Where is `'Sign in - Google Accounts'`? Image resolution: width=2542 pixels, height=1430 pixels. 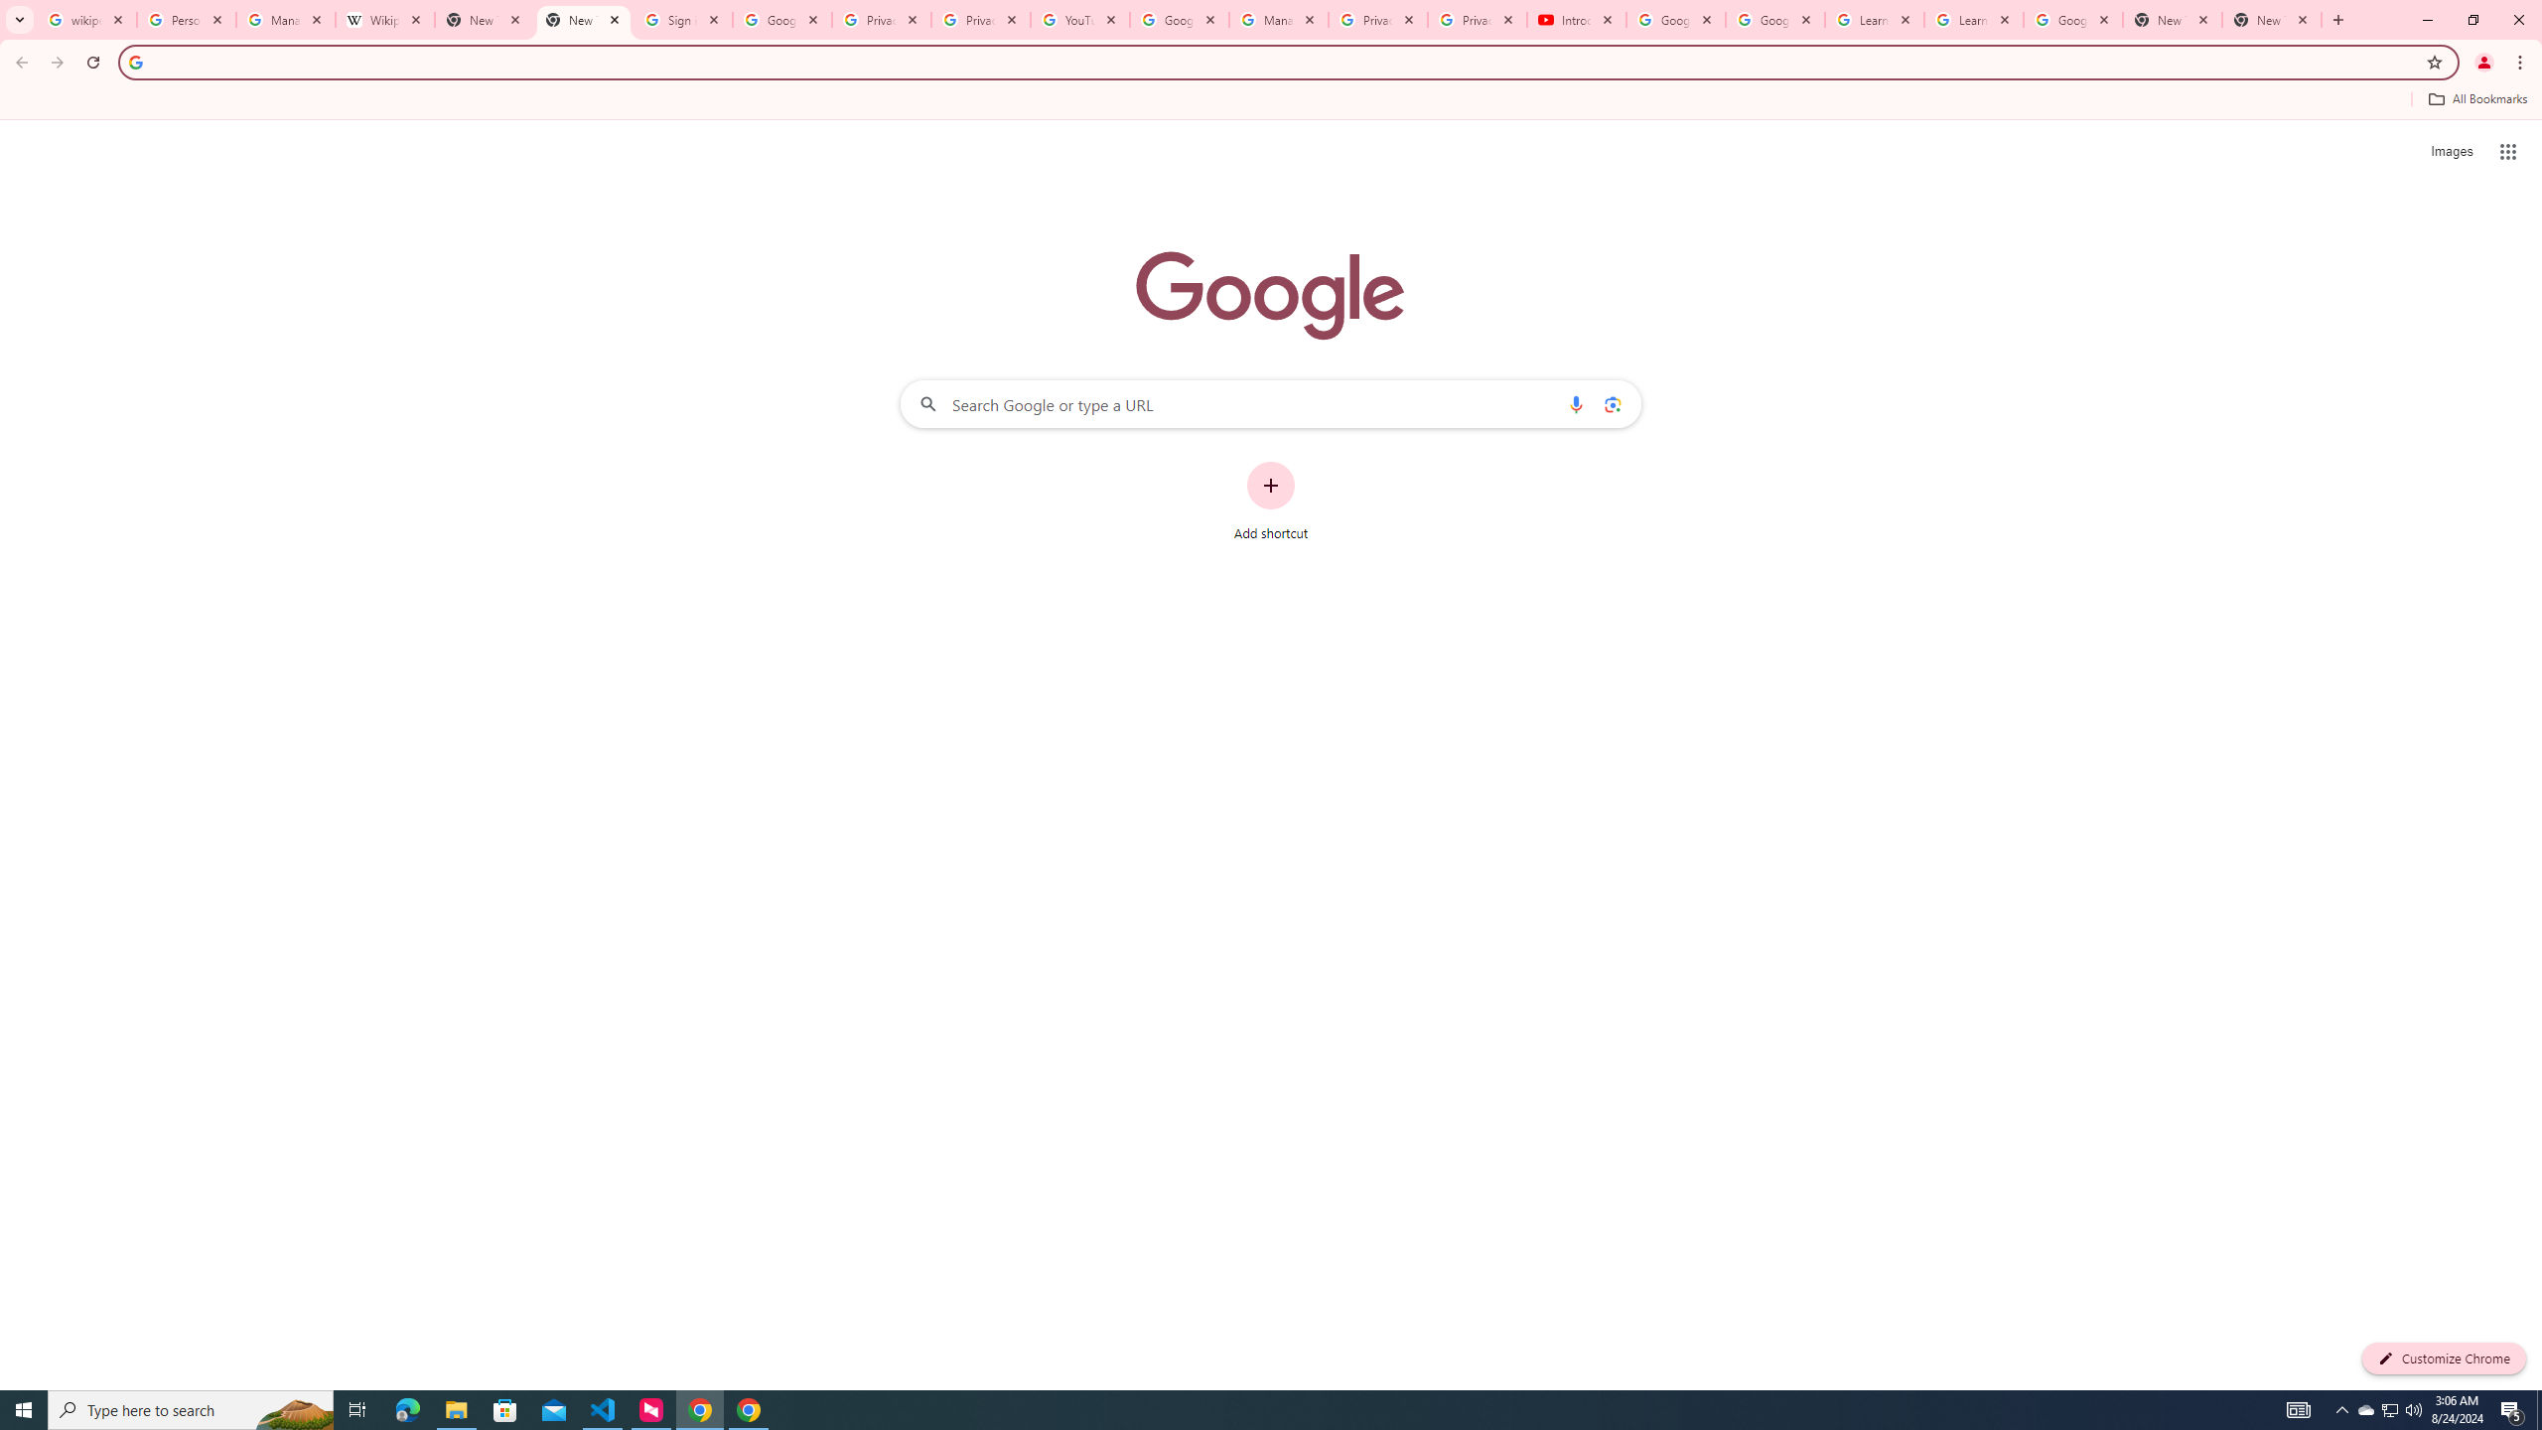 'Sign in - Google Accounts' is located at coordinates (683, 19).